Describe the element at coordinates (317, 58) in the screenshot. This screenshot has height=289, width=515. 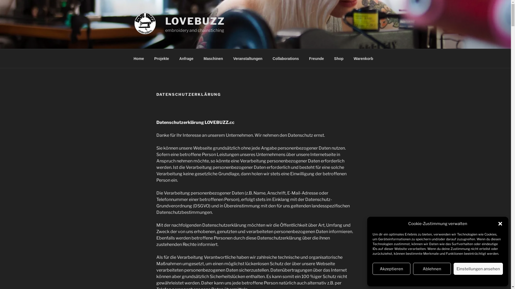
I see `'Freunde'` at that location.